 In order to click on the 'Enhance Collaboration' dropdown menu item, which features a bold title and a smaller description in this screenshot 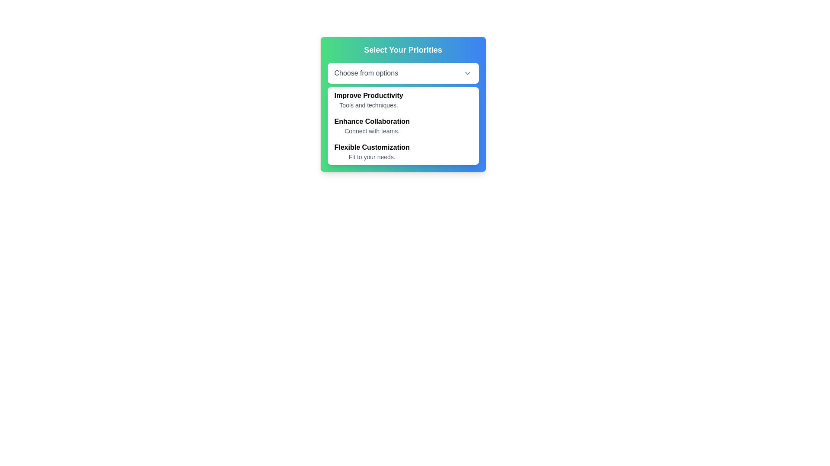, I will do `click(372, 126)`.